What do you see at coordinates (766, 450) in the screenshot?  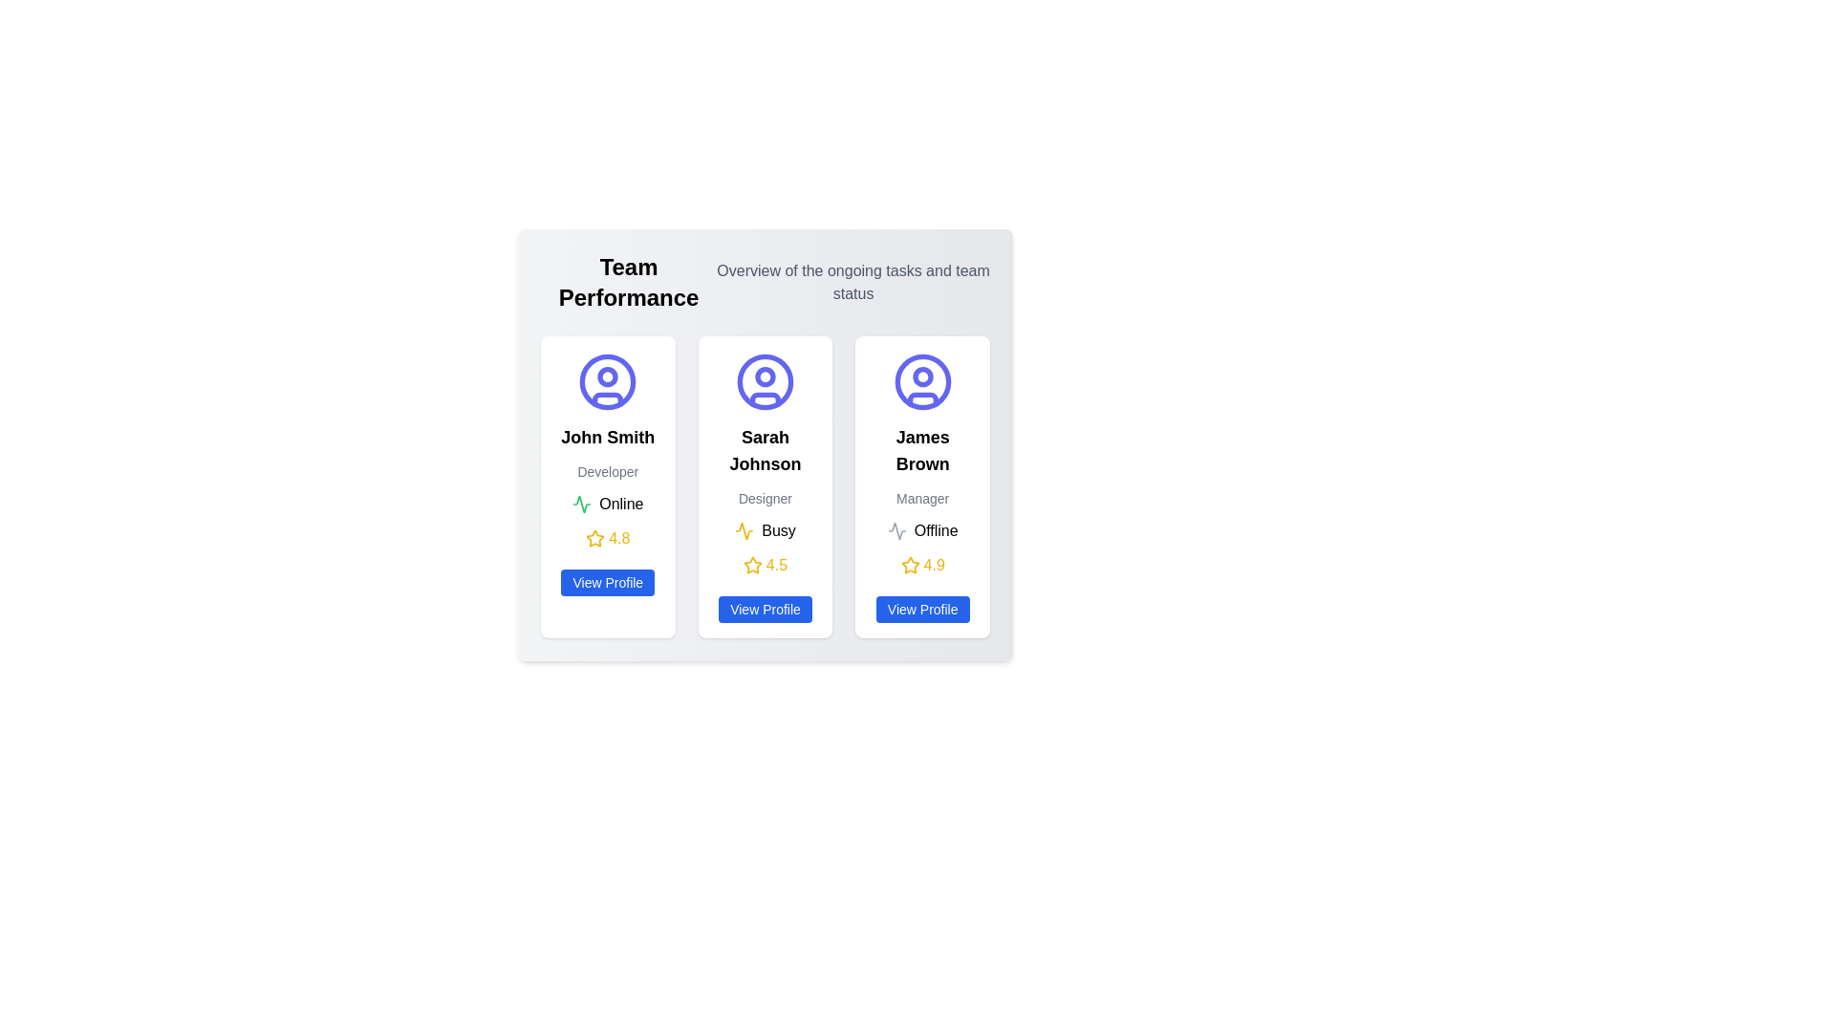 I see `text displaying the name 'Sarah Johnson', which is the second item in the card group located beneath the avatar icon` at bounding box center [766, 450].